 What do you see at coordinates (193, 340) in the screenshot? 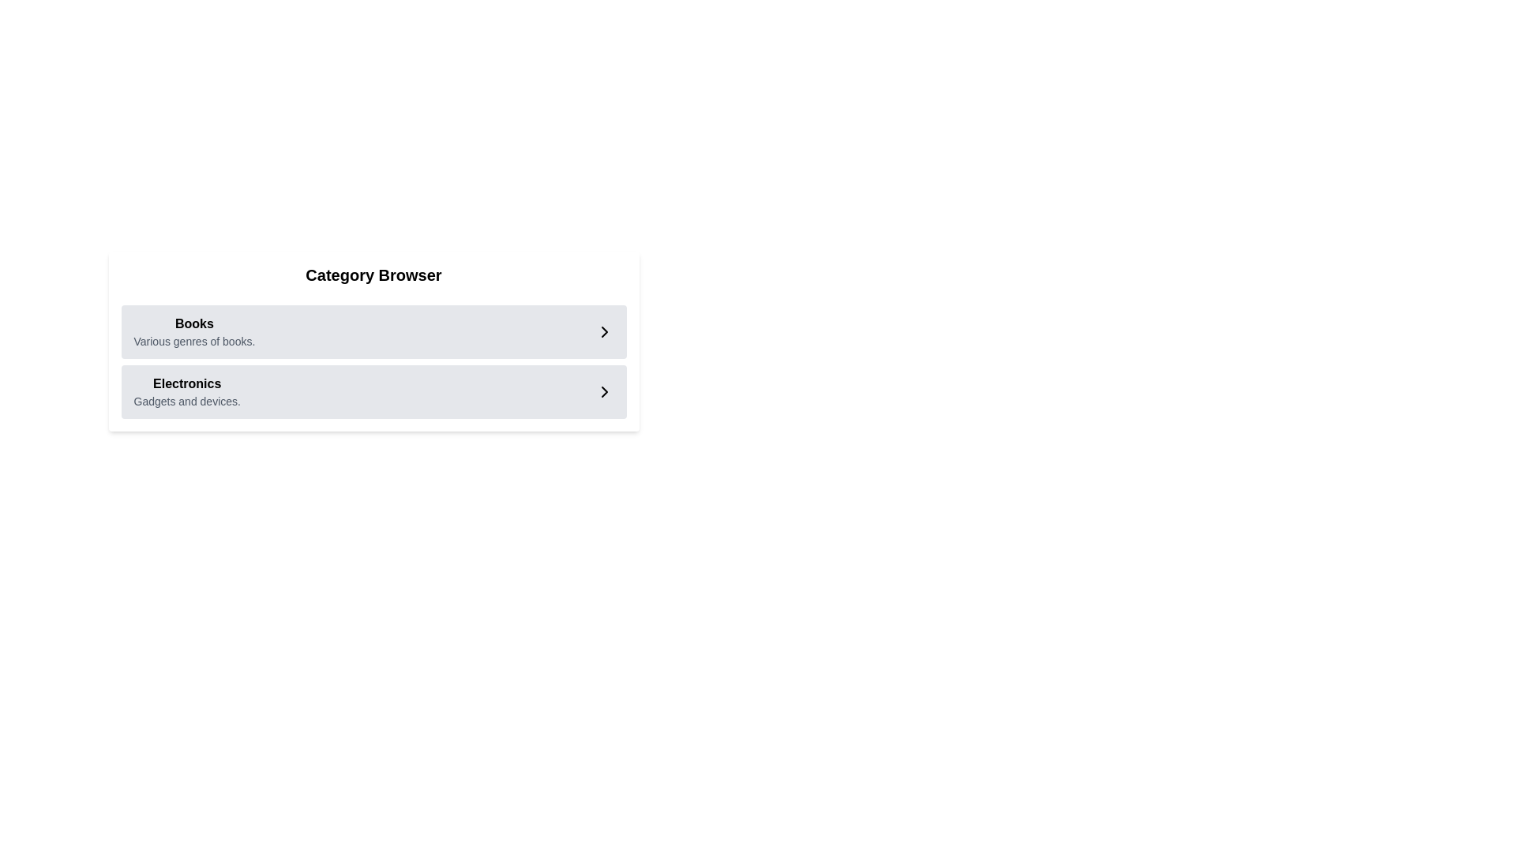
I see `the text label that says 'Various genres of books.', which is styled in light gray and positioned below the 'Books' text` at bounding box center [193, 340].